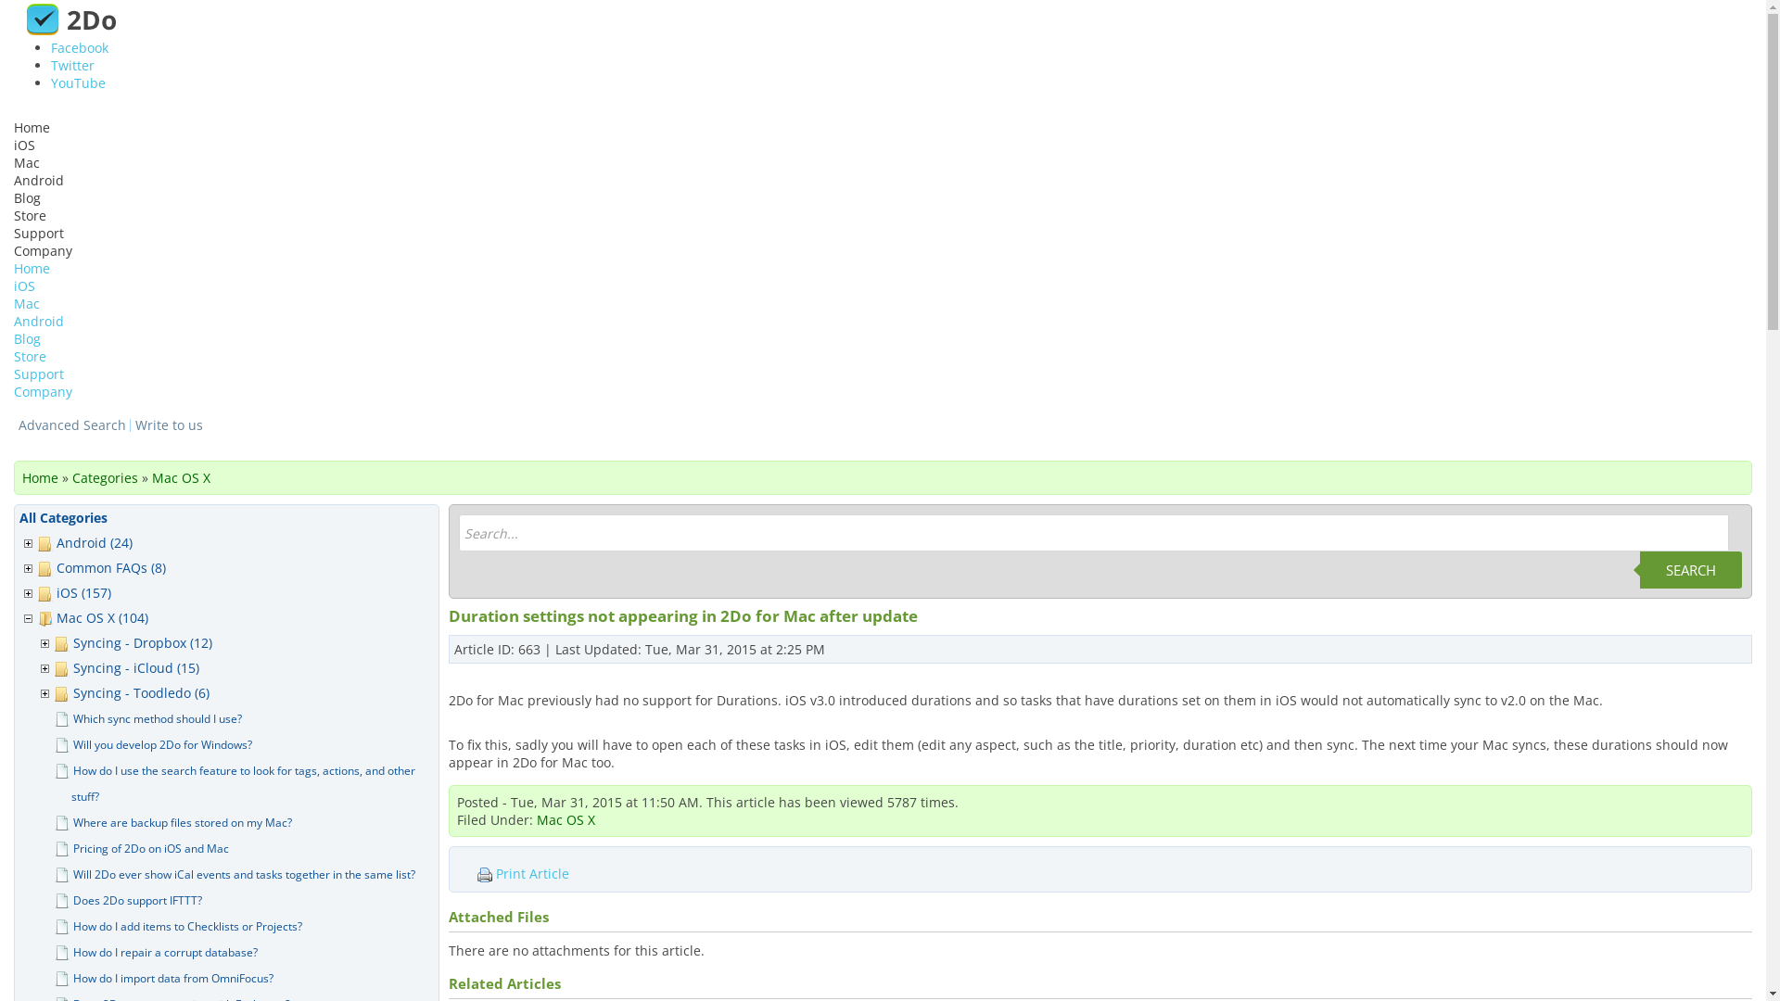  Describe the element at coordinates (24, 285) in the screenshot. I see `'iOS'` at that location.